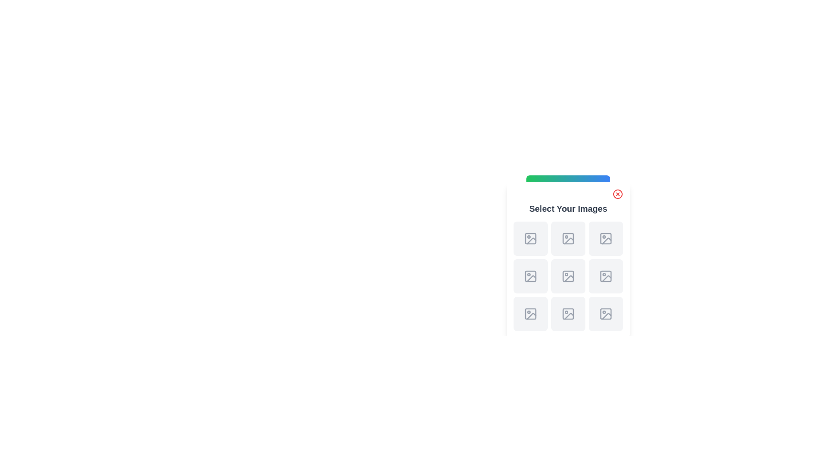 The height and width of the screenshot is (462, 821). I want to click on the grid tile in the 'Select Your Images' modal, so click(568, 276).